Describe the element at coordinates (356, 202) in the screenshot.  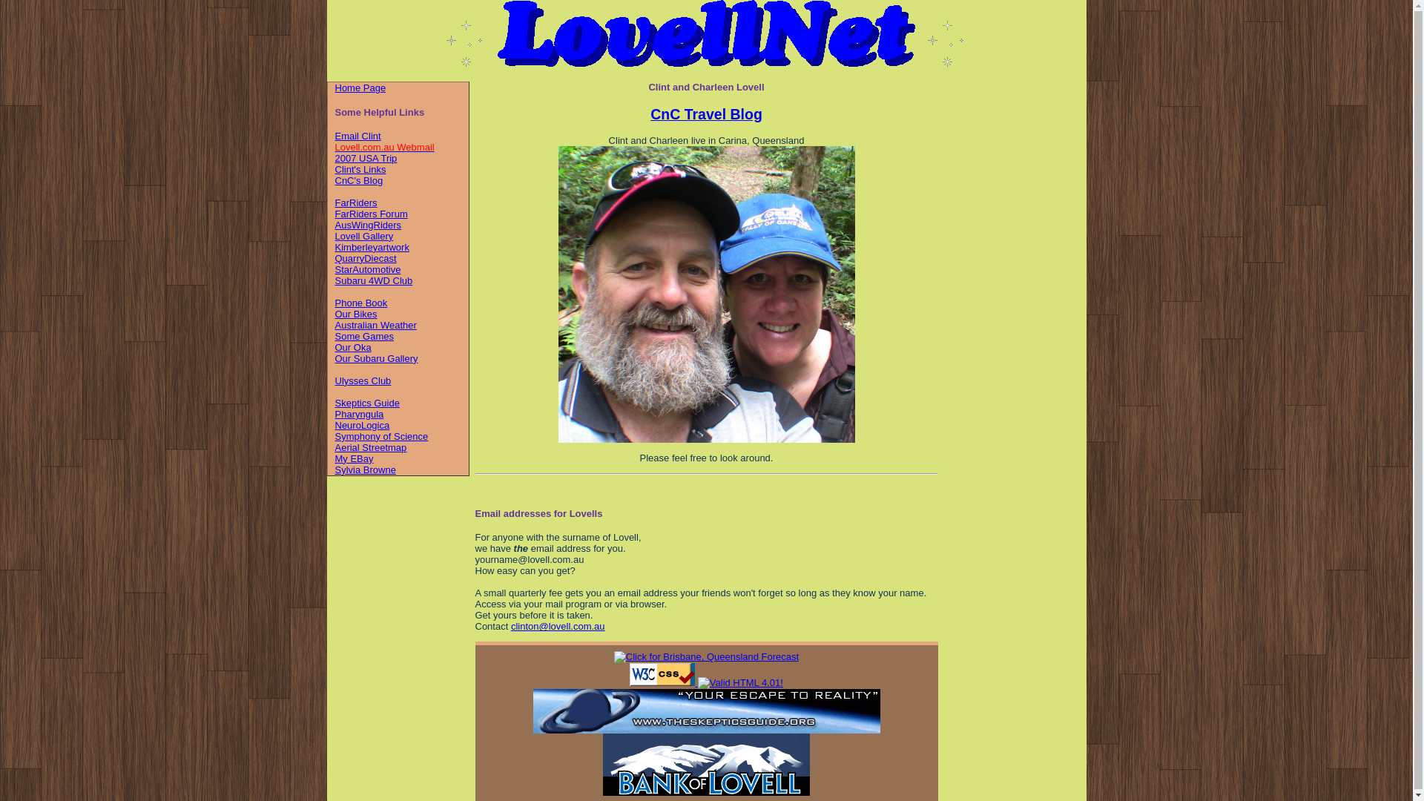
I see `'FarRiders'` at that location.